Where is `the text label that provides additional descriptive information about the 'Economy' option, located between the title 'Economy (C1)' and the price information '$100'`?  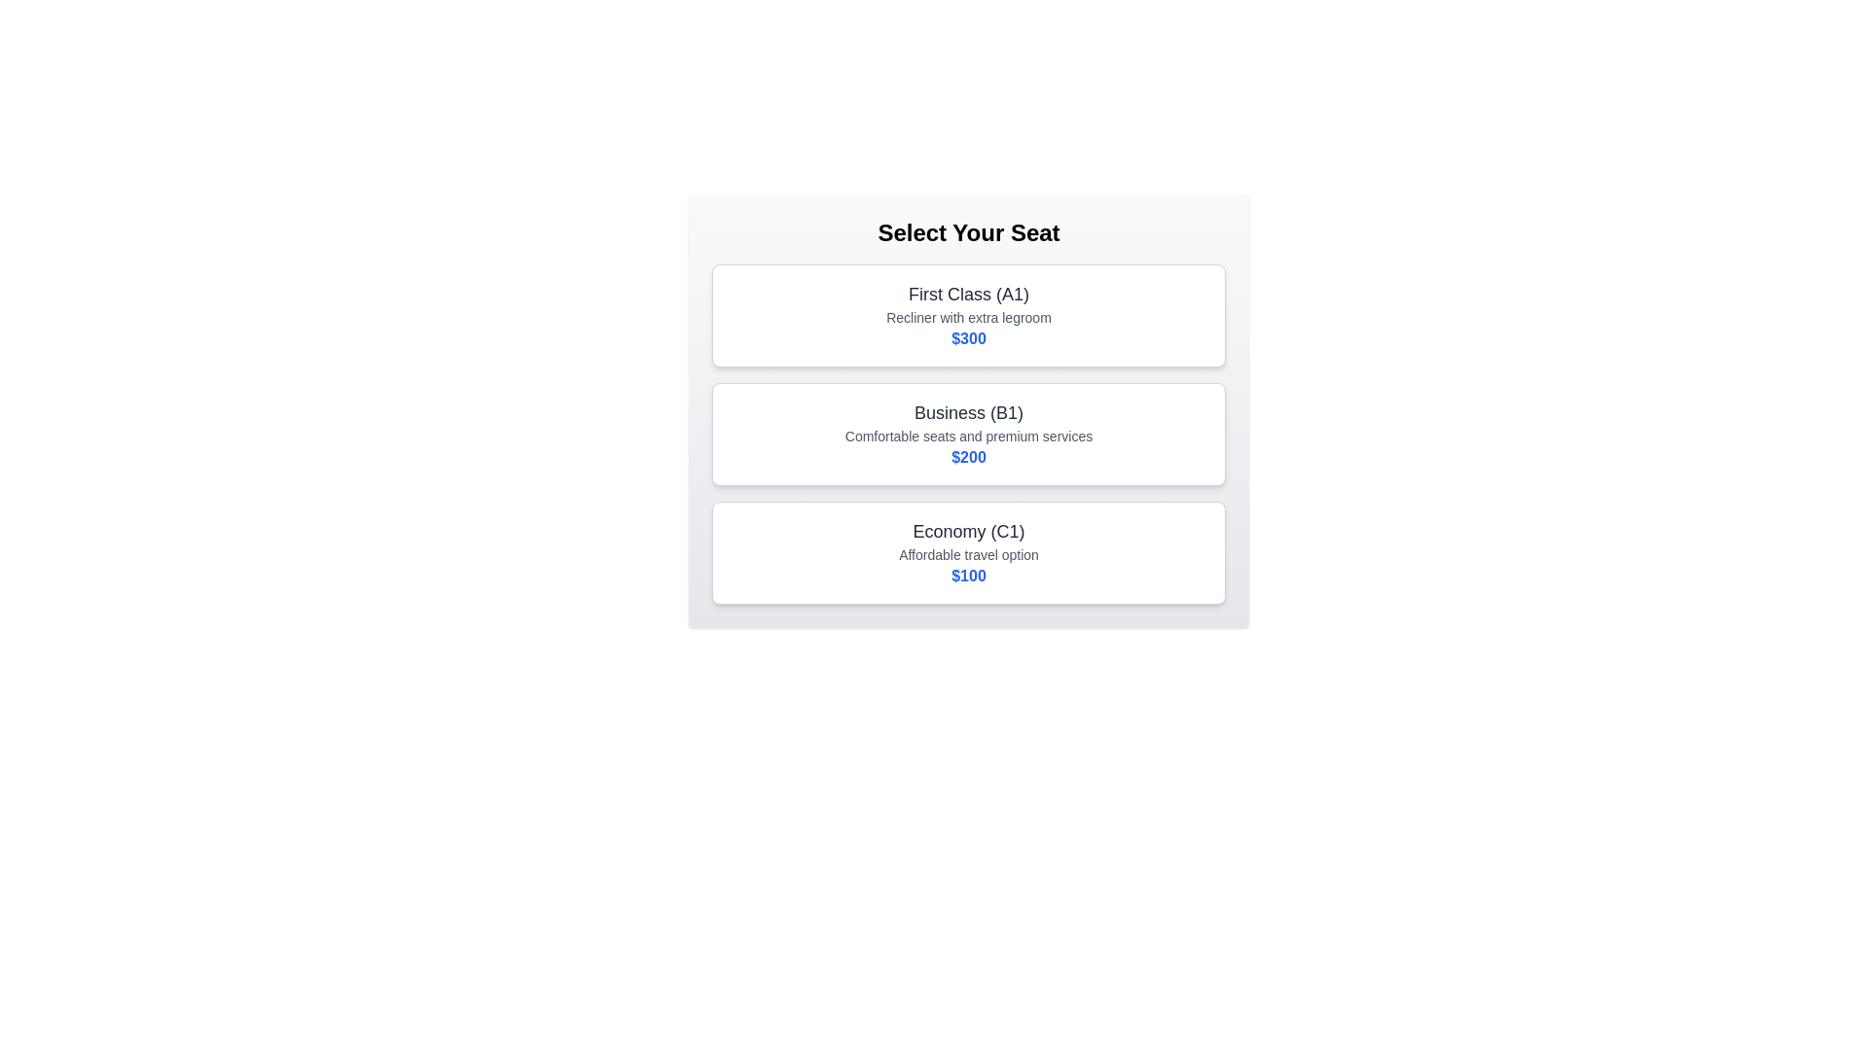 the text label that provides additional descriptive information about the 'Economy' option, located between the title 'Economy (C1)' and the price information '$100' is located at coordinates (969, 554).